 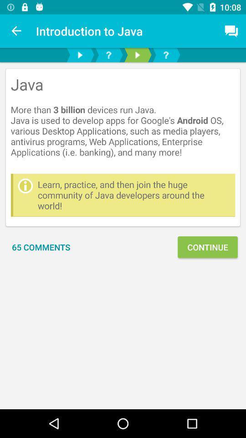 I want to click on request help, so click(x=165, y=55).